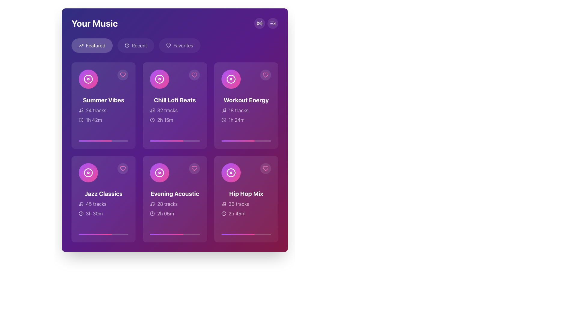 The width and height of the screenshot is (577, 324). What do you see at coordinates (230, 172) in the screenshot?
I see `the circle-shaped decorative icon for the 'Hip Hop Mix' music card, which is positioned at the center of the upper part of the card` at bounding box center [230, 172].